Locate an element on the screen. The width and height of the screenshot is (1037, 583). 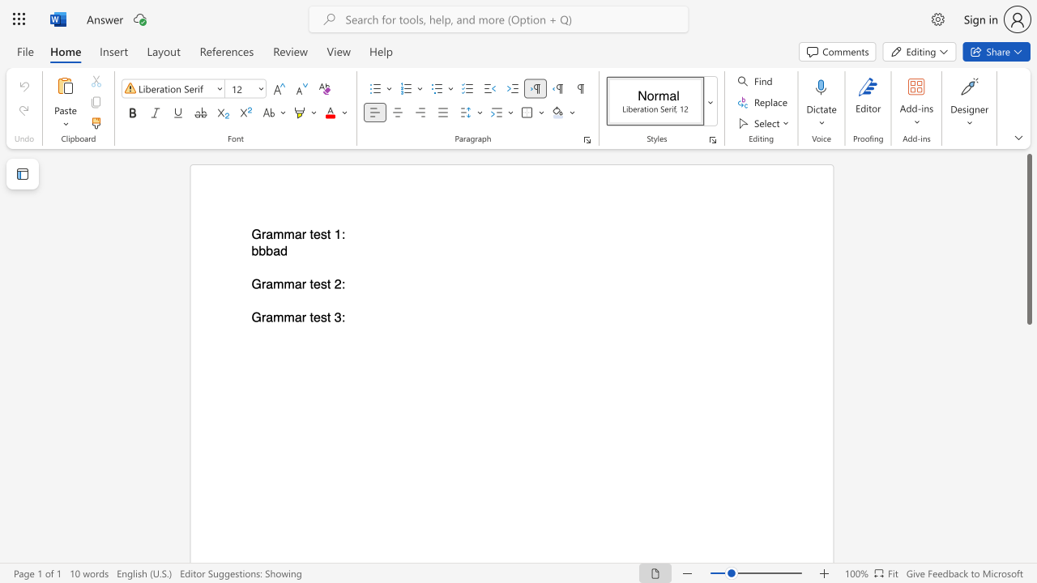
the scrollbar on the right to move the page downward is located at coordinates (1028, 526).